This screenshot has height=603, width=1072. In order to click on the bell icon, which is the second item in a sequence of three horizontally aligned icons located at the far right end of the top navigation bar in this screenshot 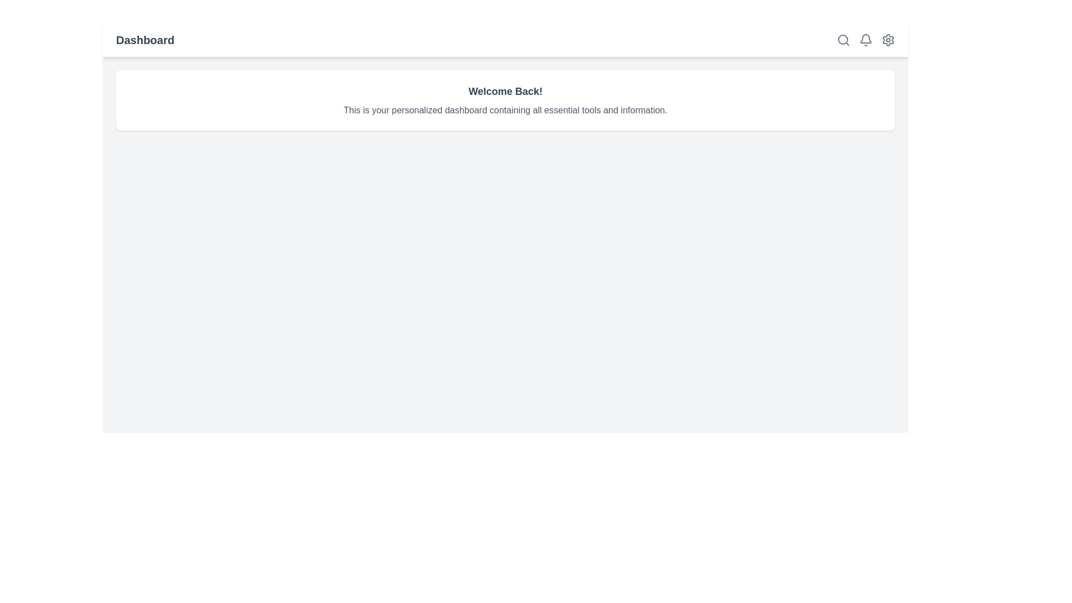, I will do `click(865, 40)`.